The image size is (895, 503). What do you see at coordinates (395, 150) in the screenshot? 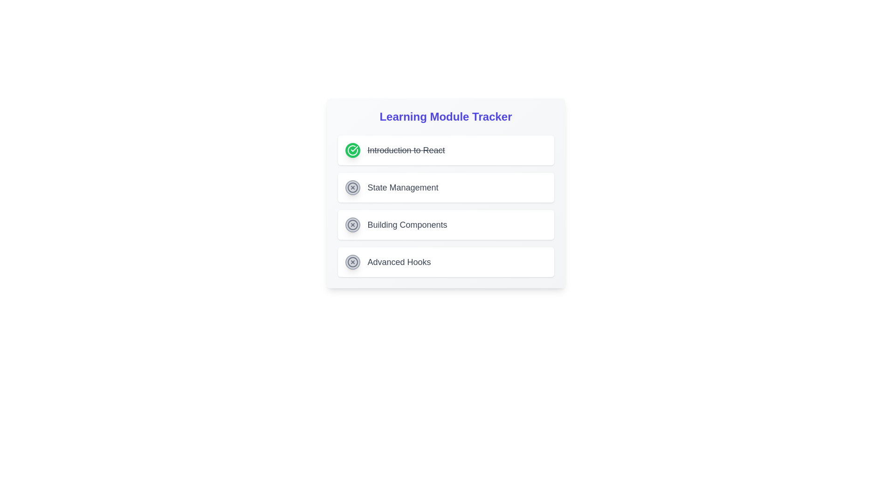
I see `the completed module list item labeled 'Introduction to React' in the 'Learning Module Tracker'` at bounding box center [395, 150].